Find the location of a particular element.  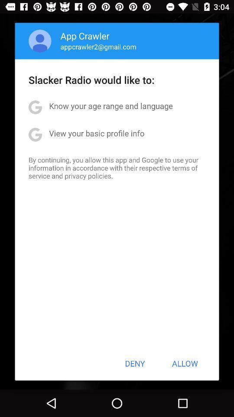

the app crawler is located at coordinates (85, 36).